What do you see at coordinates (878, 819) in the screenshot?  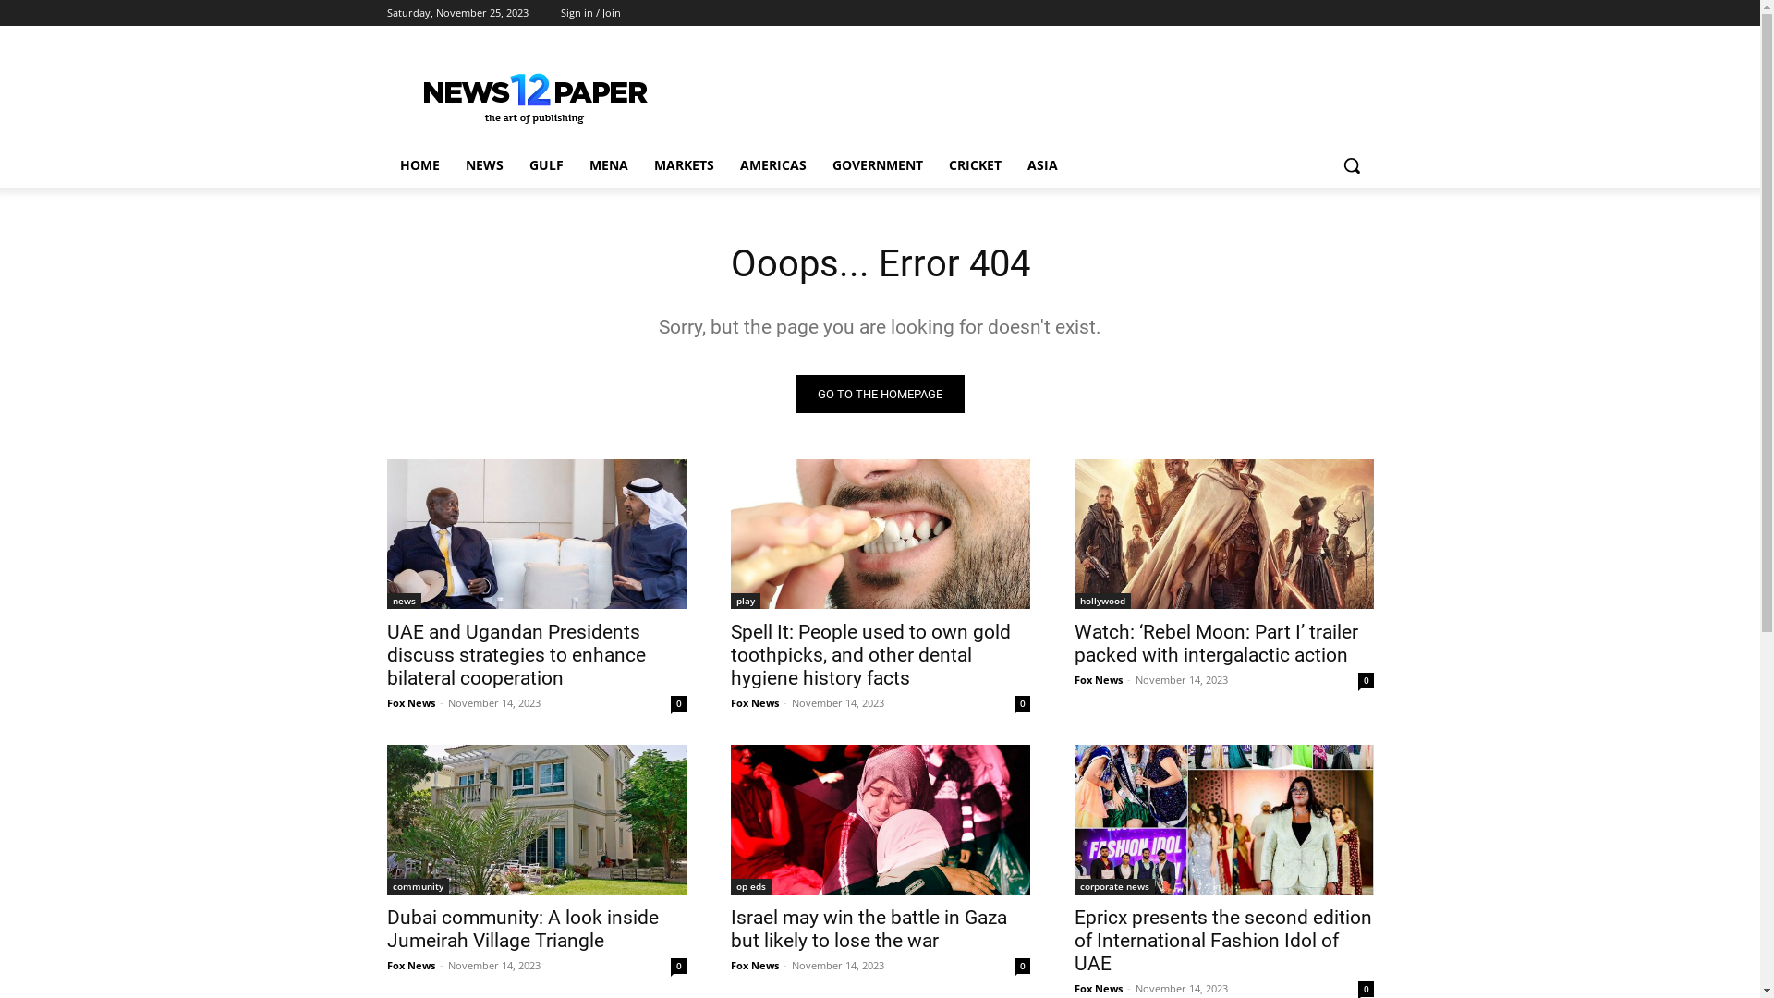 I see `'Israel may win the battle in Gaza but likely to lose the war'` at bounding box center [878, 819].